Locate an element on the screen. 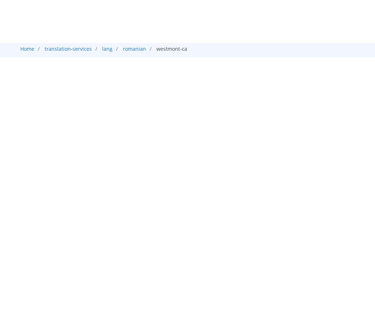 The width and height of the screenshot is (375, 332). 'Captioning' is located at coordinates (213, 74).